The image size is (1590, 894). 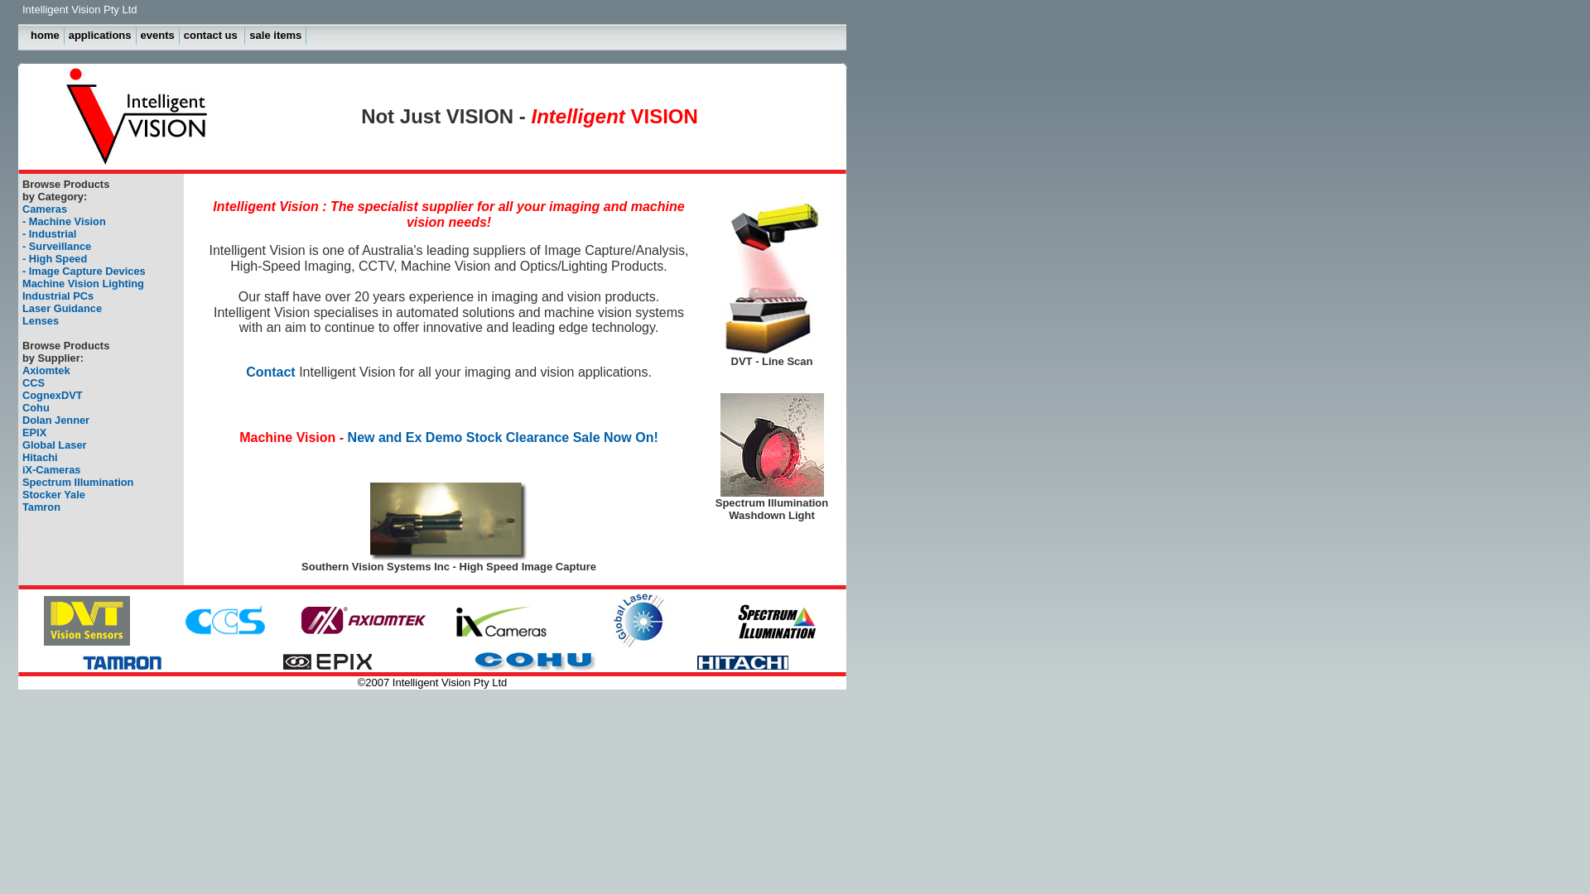 I want to click on 'iX-Cameras', so click(x=51, y=469).